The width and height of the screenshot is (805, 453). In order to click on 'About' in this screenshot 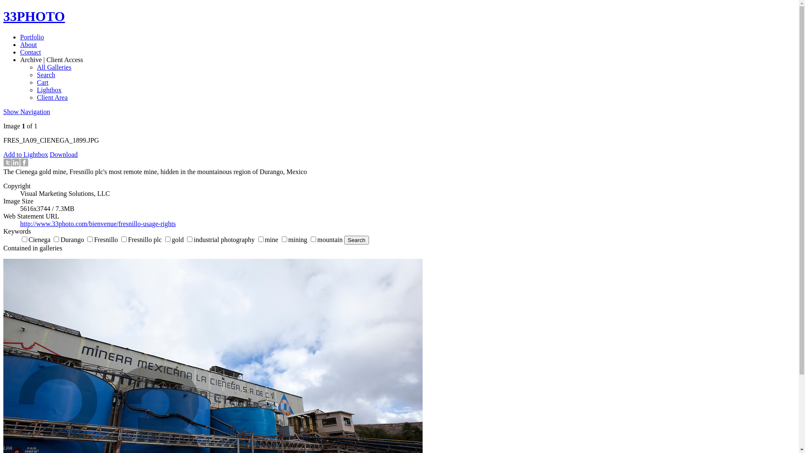, I will do `click(20, 44)`.